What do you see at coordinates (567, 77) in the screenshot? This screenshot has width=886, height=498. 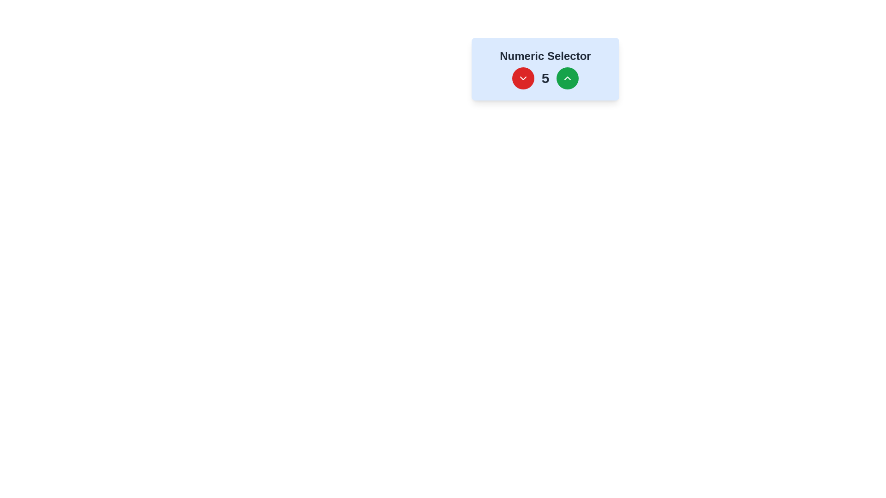 I see `the green circular button with a white upward-pointing arrow to change its color to a darker green` at bounding box center [567, 77].